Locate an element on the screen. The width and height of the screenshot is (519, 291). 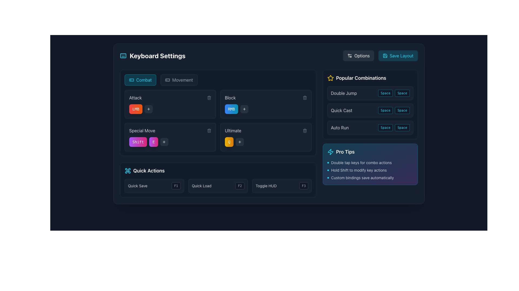
the static label displaying 'Quick Cast' in light gray color, located in the right panel under the 'Popular Combinations' section is located at coordinates (341, 110).